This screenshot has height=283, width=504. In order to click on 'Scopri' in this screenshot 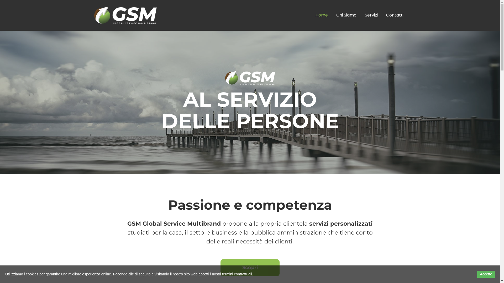, I will do `click(220, 268)`.